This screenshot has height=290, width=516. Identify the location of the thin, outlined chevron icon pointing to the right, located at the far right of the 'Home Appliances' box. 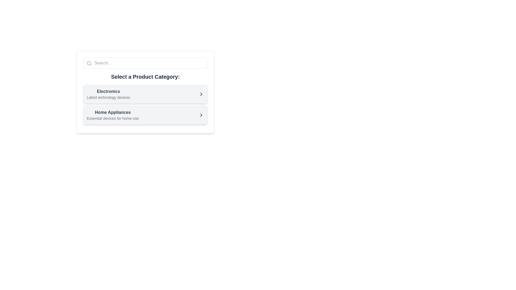
(201, 115).